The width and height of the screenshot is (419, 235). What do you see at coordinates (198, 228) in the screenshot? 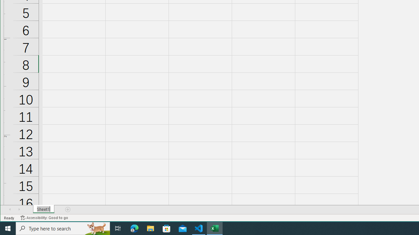
I see `'Visual Studio Code - 1 running window'` at bounding box center [198, 228].